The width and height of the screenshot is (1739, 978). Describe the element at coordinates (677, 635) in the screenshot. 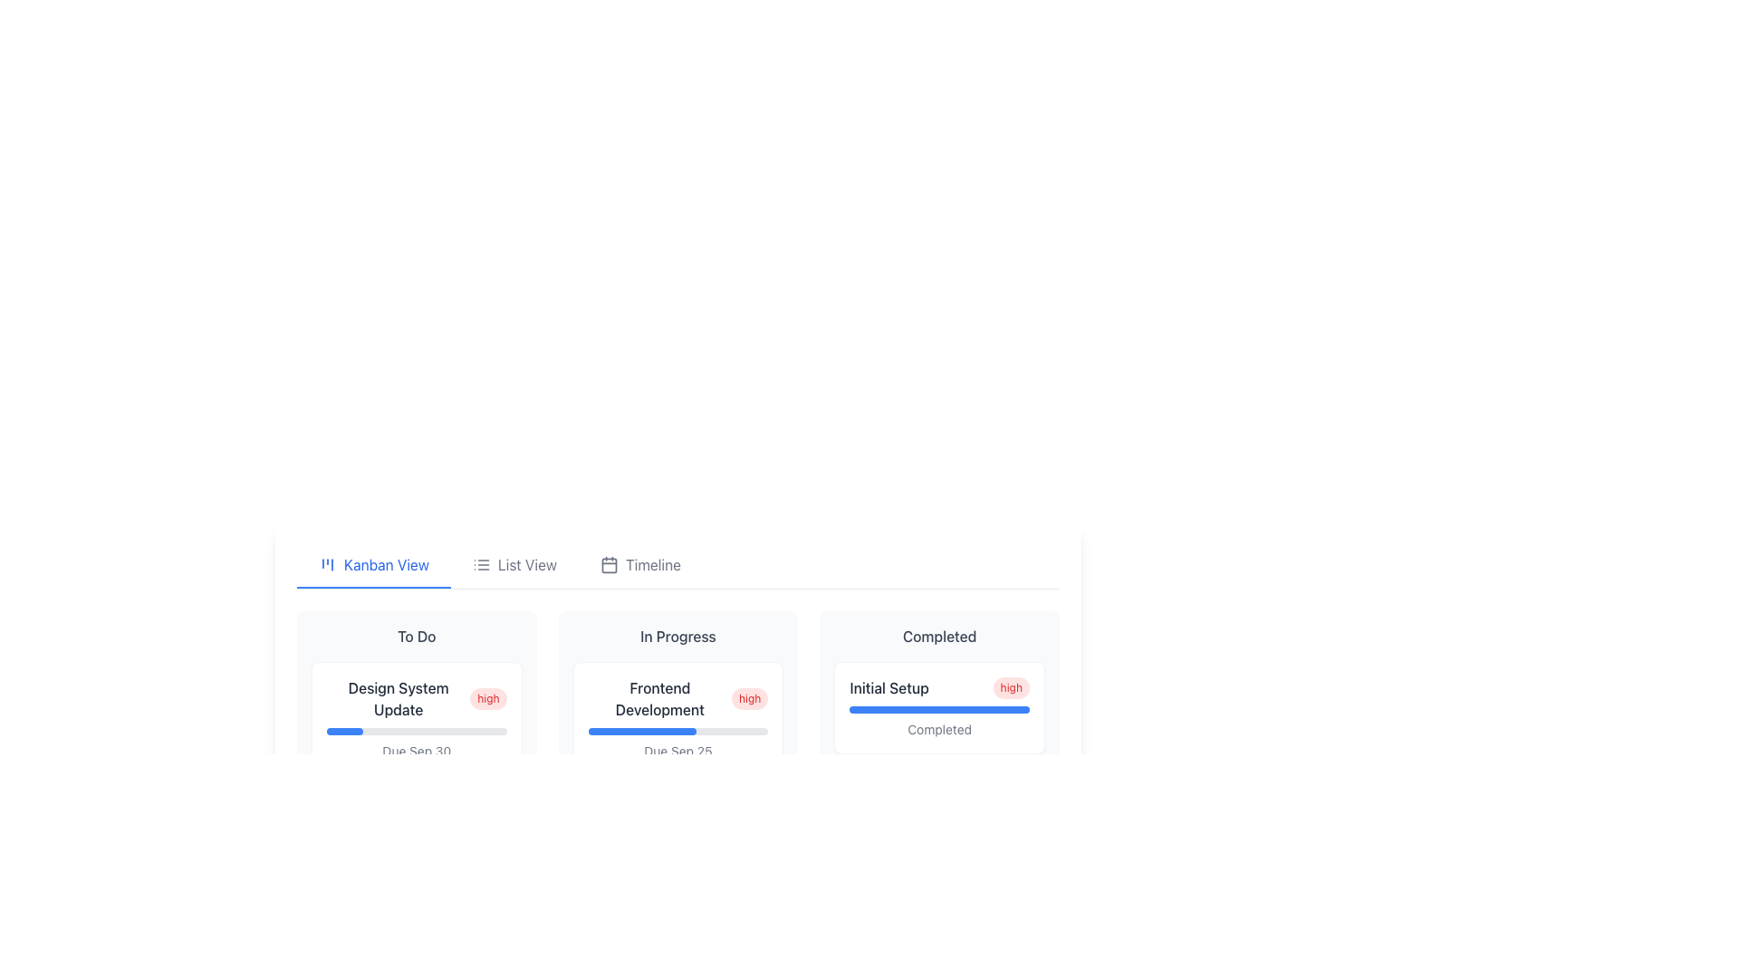

I see `the 'In Progress' text label, which is styled with a medium-sized gray font and positioned at the top of the second column in a Kanban board layout` at that location.